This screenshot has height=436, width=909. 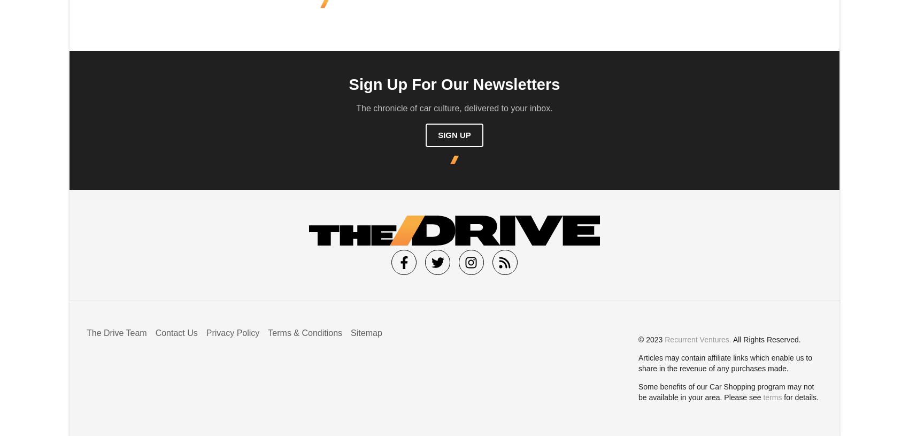 I want to click on 'The Drive Team', so click(x=116, y=332).